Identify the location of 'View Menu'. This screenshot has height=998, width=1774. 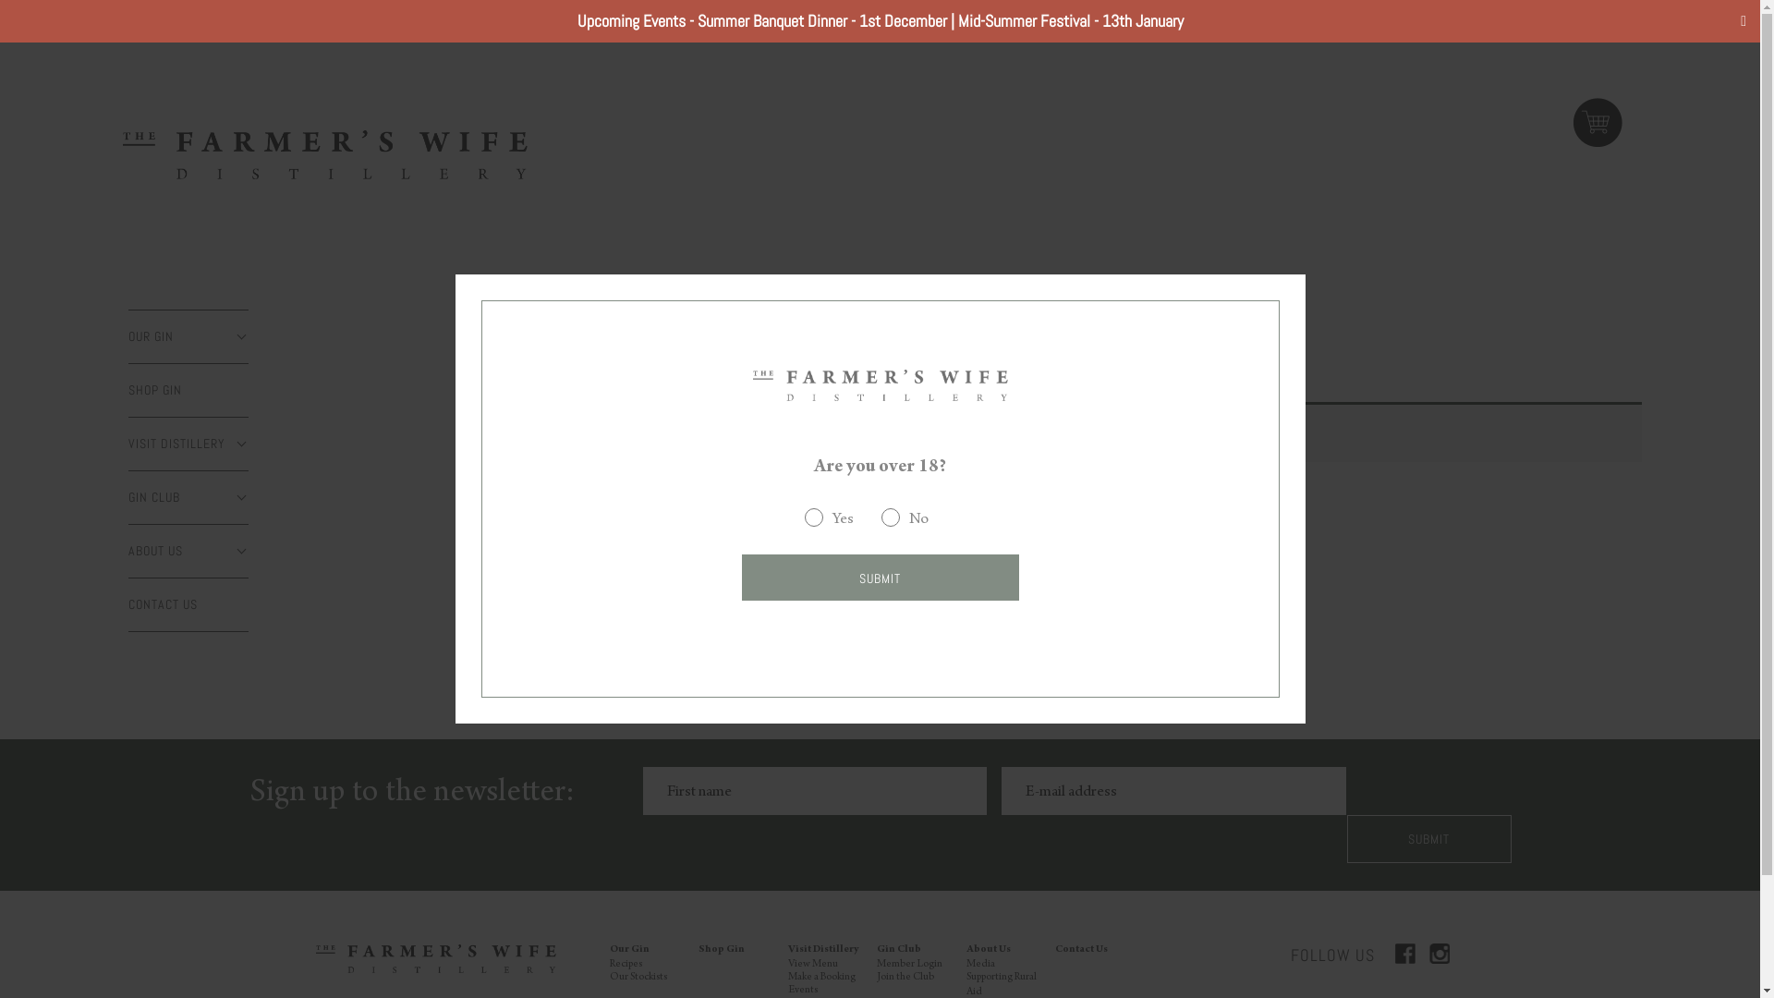
(812, 964).